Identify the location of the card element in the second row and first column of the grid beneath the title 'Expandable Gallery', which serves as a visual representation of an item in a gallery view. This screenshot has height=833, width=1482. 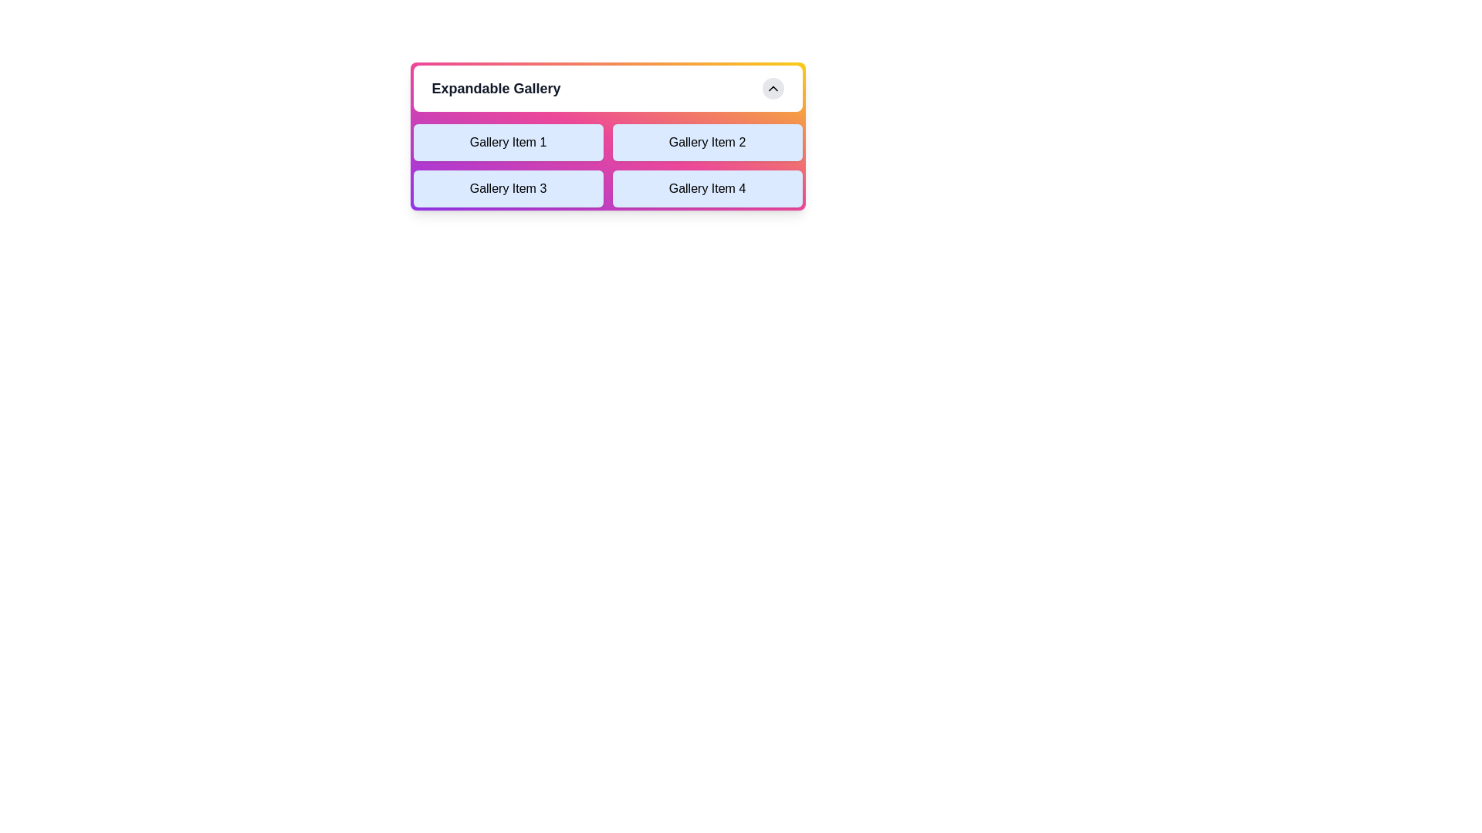
(508, 188).